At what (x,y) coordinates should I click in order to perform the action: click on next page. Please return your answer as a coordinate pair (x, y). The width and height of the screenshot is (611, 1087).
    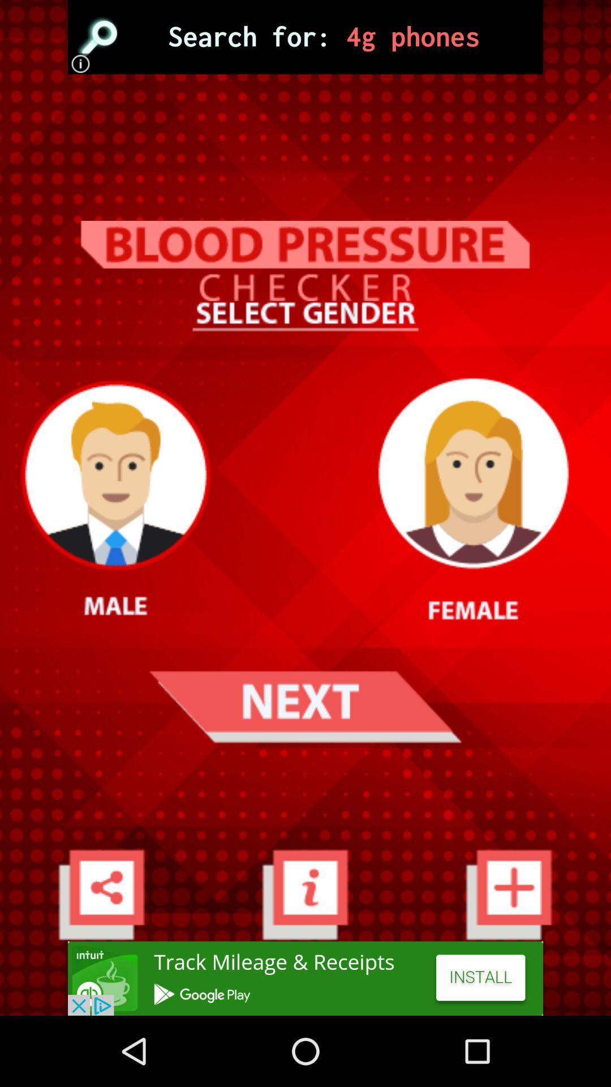
    Looking at the image, I should click on (304, 706).